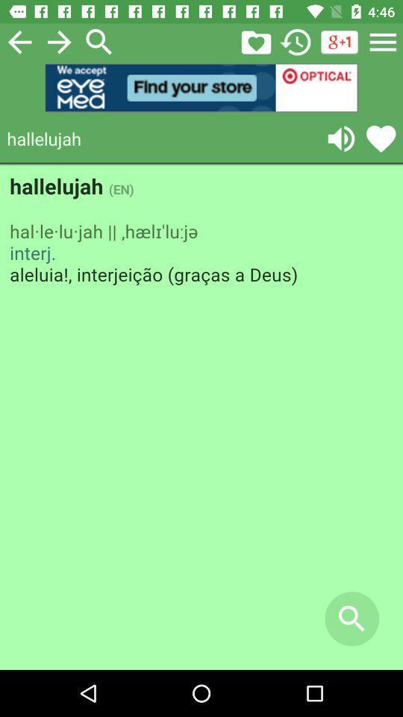  I want to click on the menu icon, so click(383, 41).